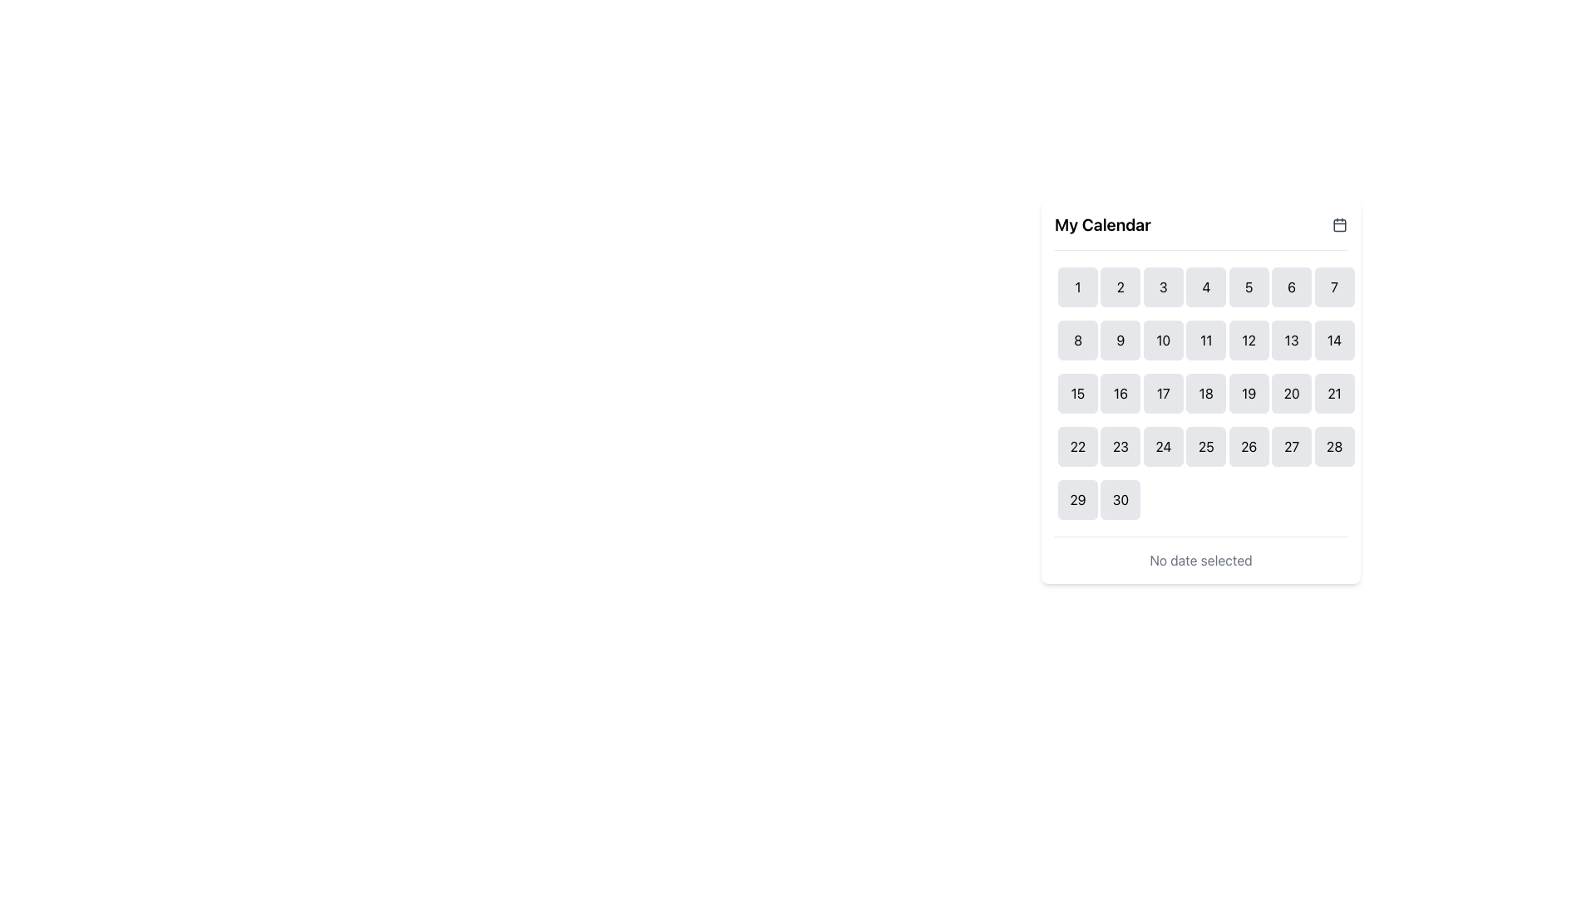  I want to click on the circular button labeled '21', so click(1334, 394).